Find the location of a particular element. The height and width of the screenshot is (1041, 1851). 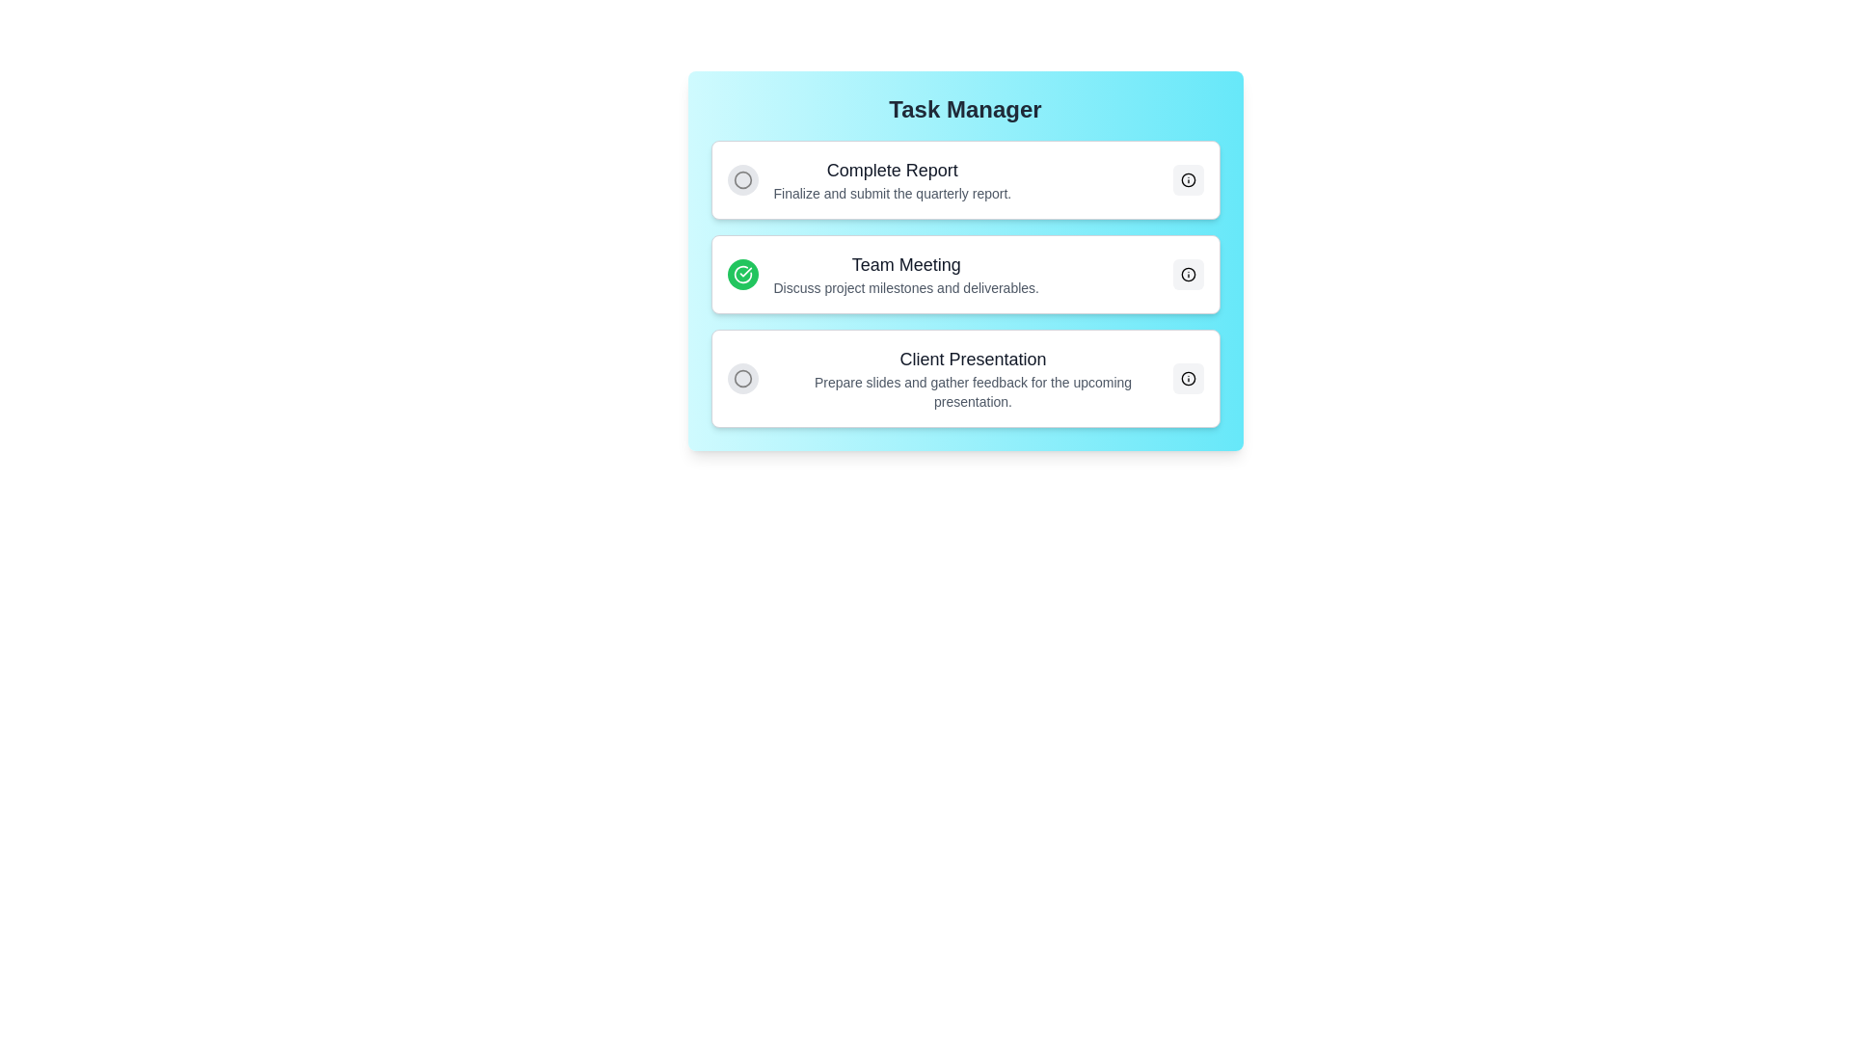

the checkmark on the second task card in the Task Manager to mark the meeting as complete is located at coordinates (965, 275).